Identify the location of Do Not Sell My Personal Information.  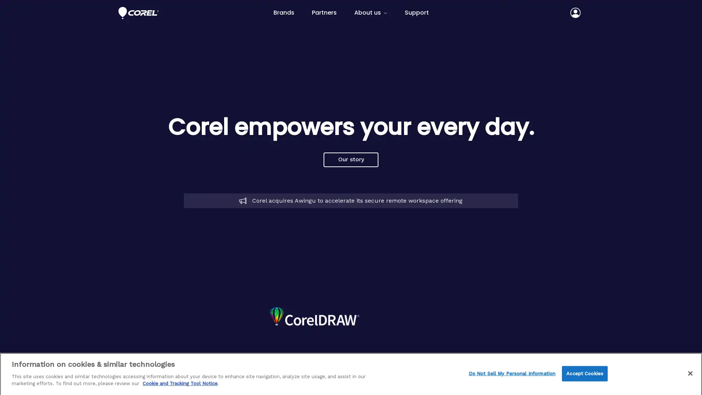
(512, 373).